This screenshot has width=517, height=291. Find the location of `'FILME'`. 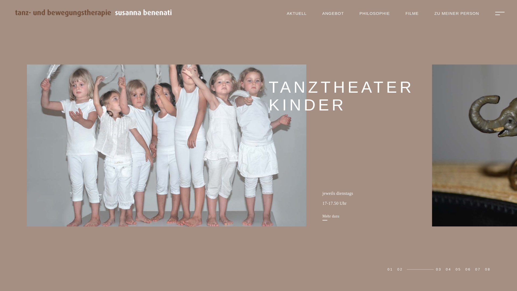

'FILME' is located at coordinates (412, 13).